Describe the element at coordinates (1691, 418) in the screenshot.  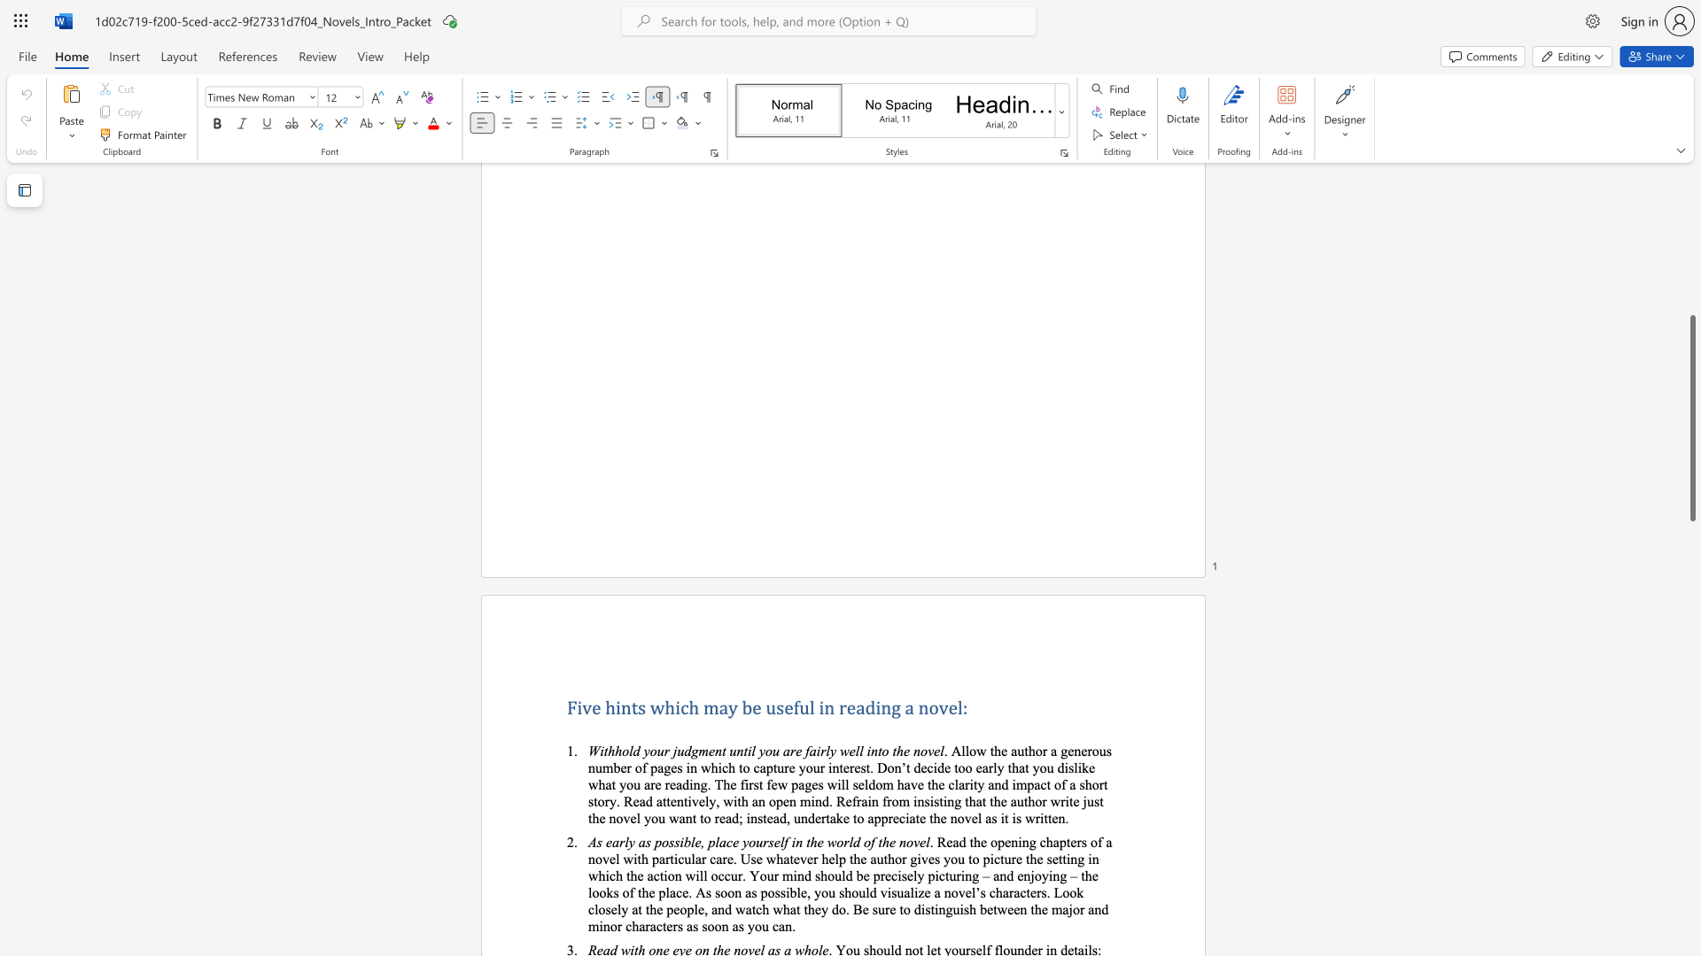
I see `the scrollbar and move down 1480 pixels` at that location.